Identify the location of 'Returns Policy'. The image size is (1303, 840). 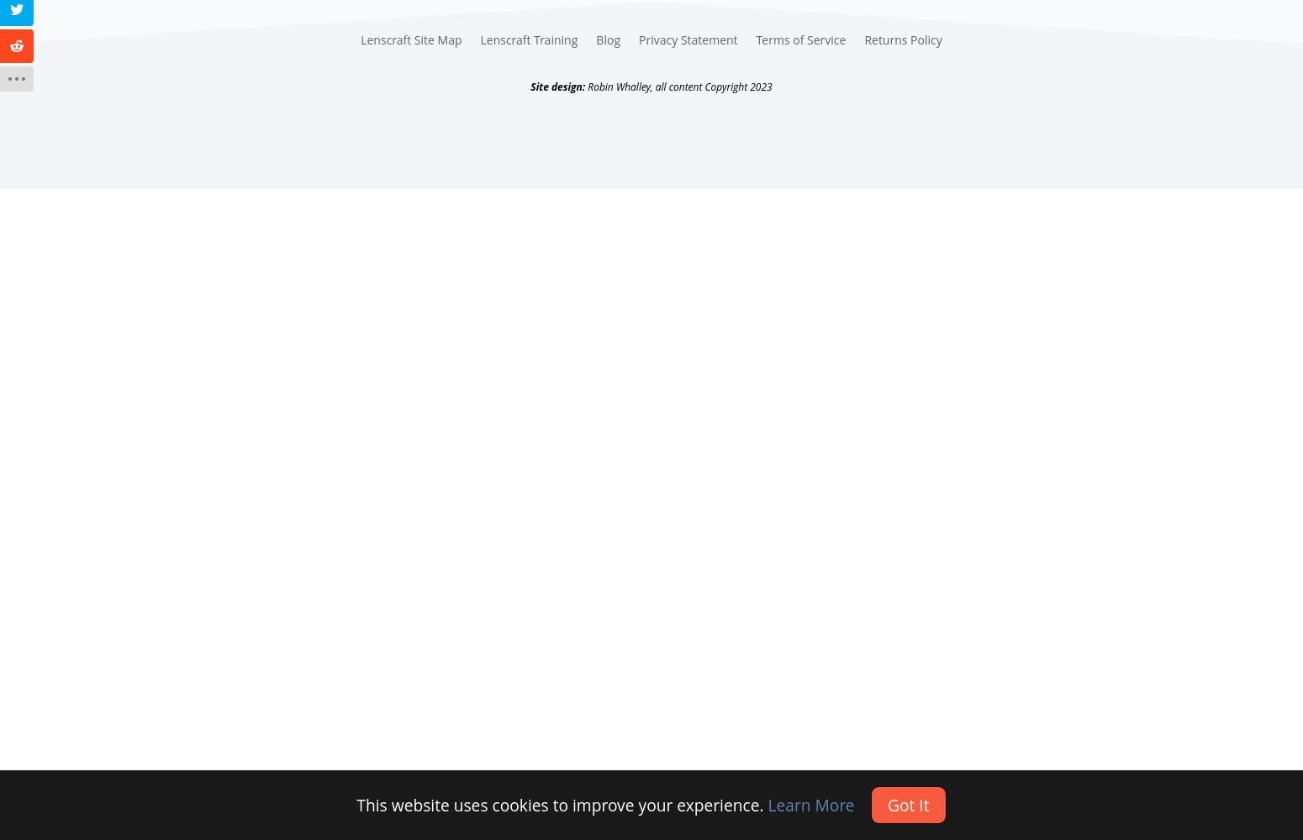
(902, 39).